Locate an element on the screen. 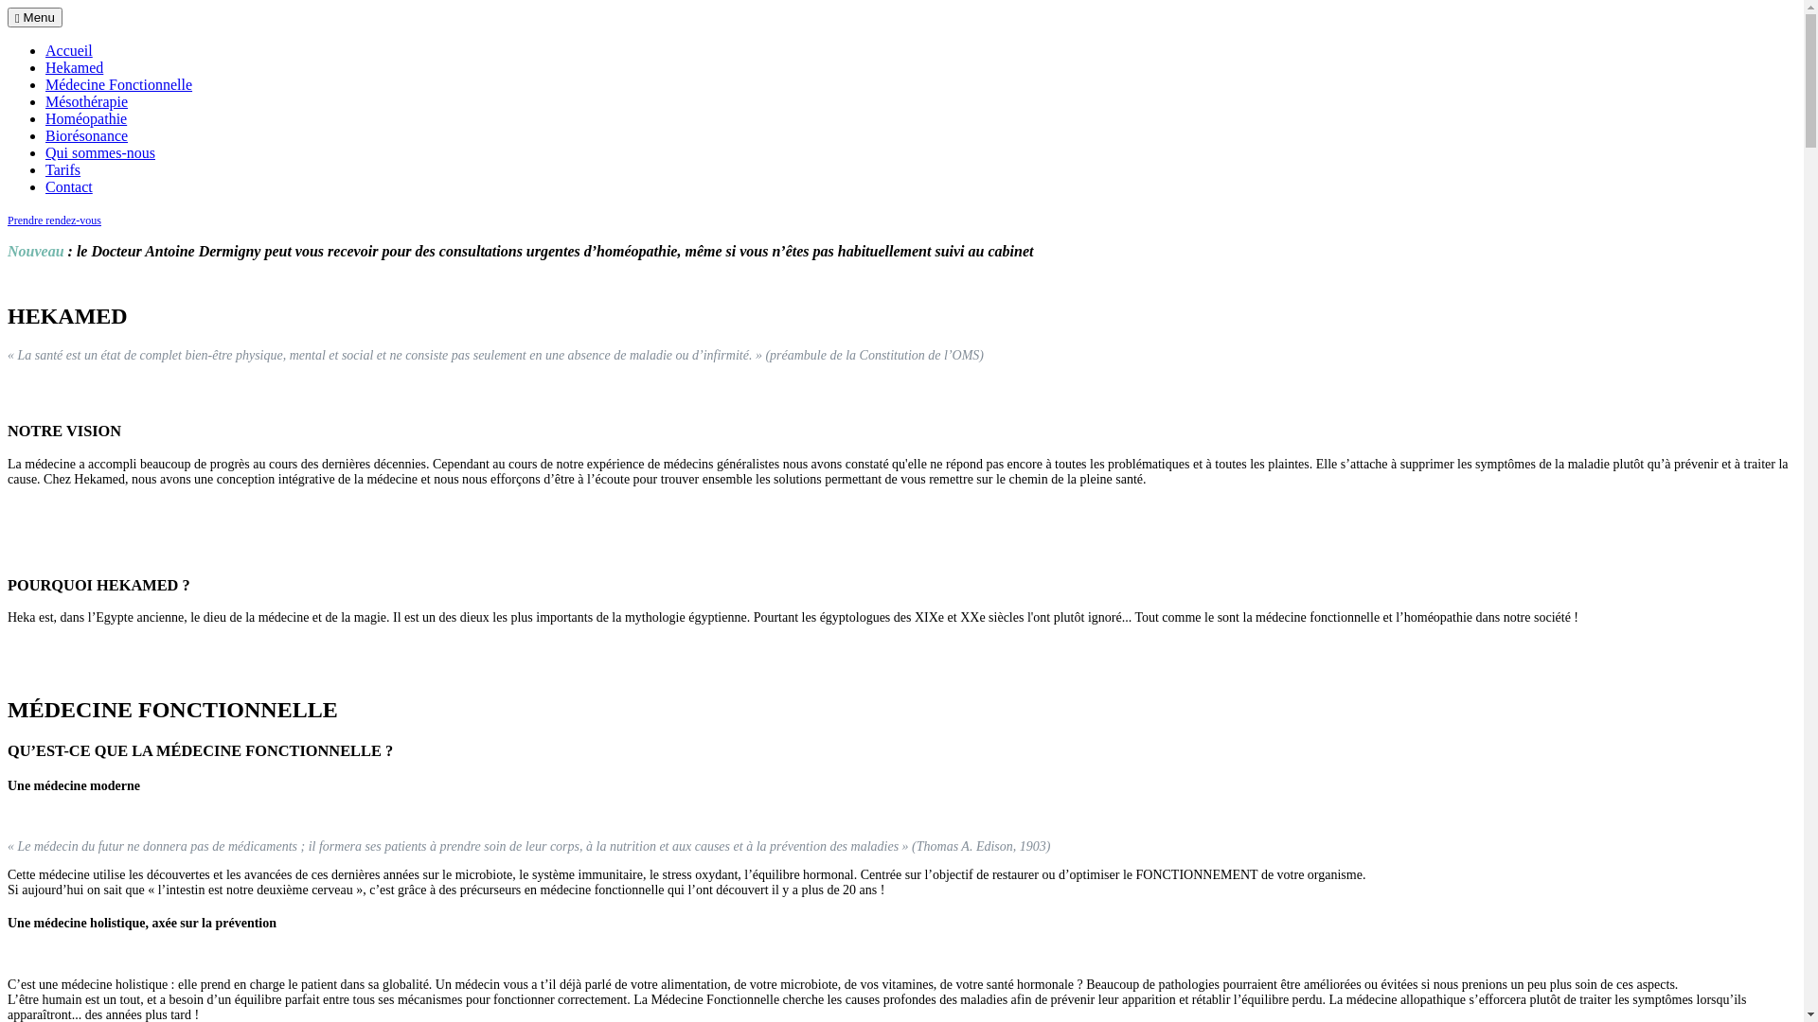 The width and height of the screenshot is (1818, 1022). 'Accueil' is located at coordinates (45, 49).